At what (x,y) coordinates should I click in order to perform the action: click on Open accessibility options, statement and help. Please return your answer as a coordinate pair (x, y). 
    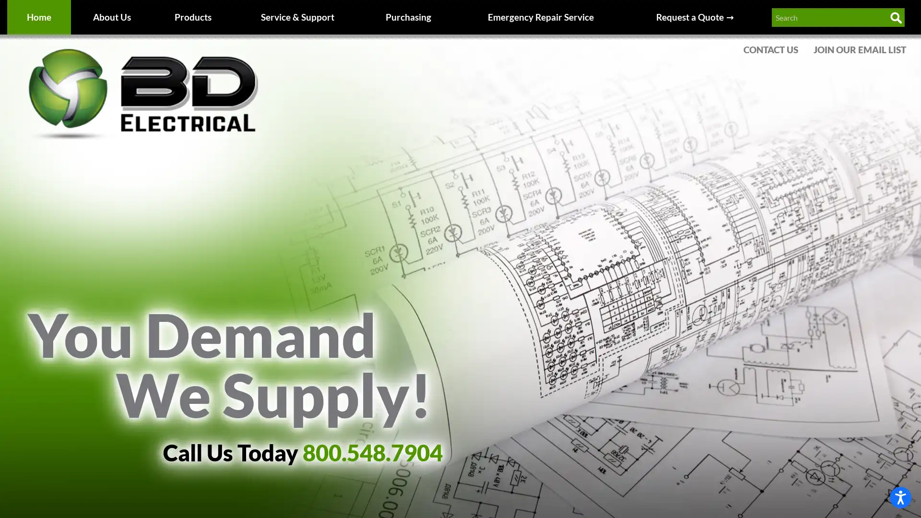
    Looking at the image, I should click on (900, 497).